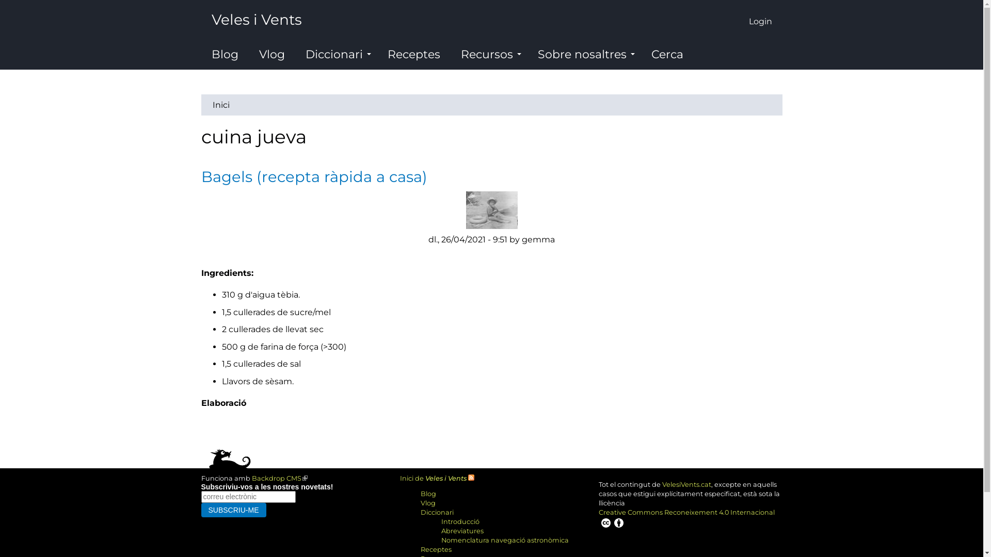 The image size is (991, 557). Describe the element at coordinates (641, 54) in the screenshot. I see `'Cerca'` at that location.